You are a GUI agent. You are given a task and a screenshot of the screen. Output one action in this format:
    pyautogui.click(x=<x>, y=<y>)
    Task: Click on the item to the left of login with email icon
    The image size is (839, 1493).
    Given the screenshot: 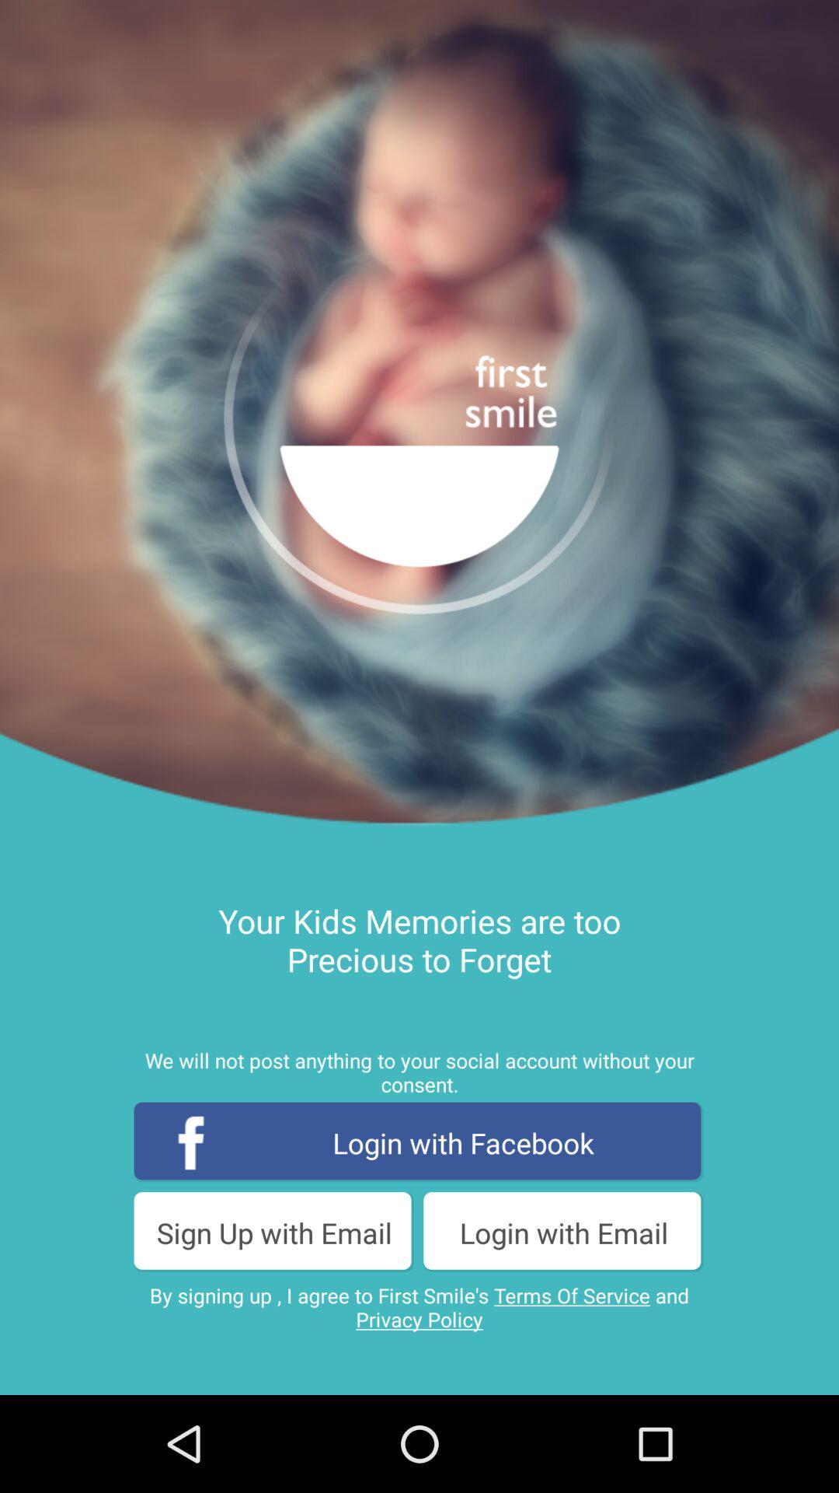 What is the action you would take?
    pyautogui.click(x=273, y=1232)
    